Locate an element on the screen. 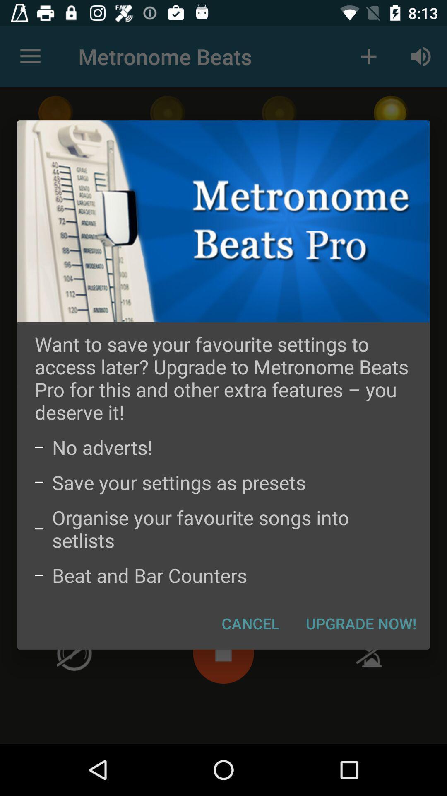  the item below the beat and bar icon is located at coordinates (250, 623).